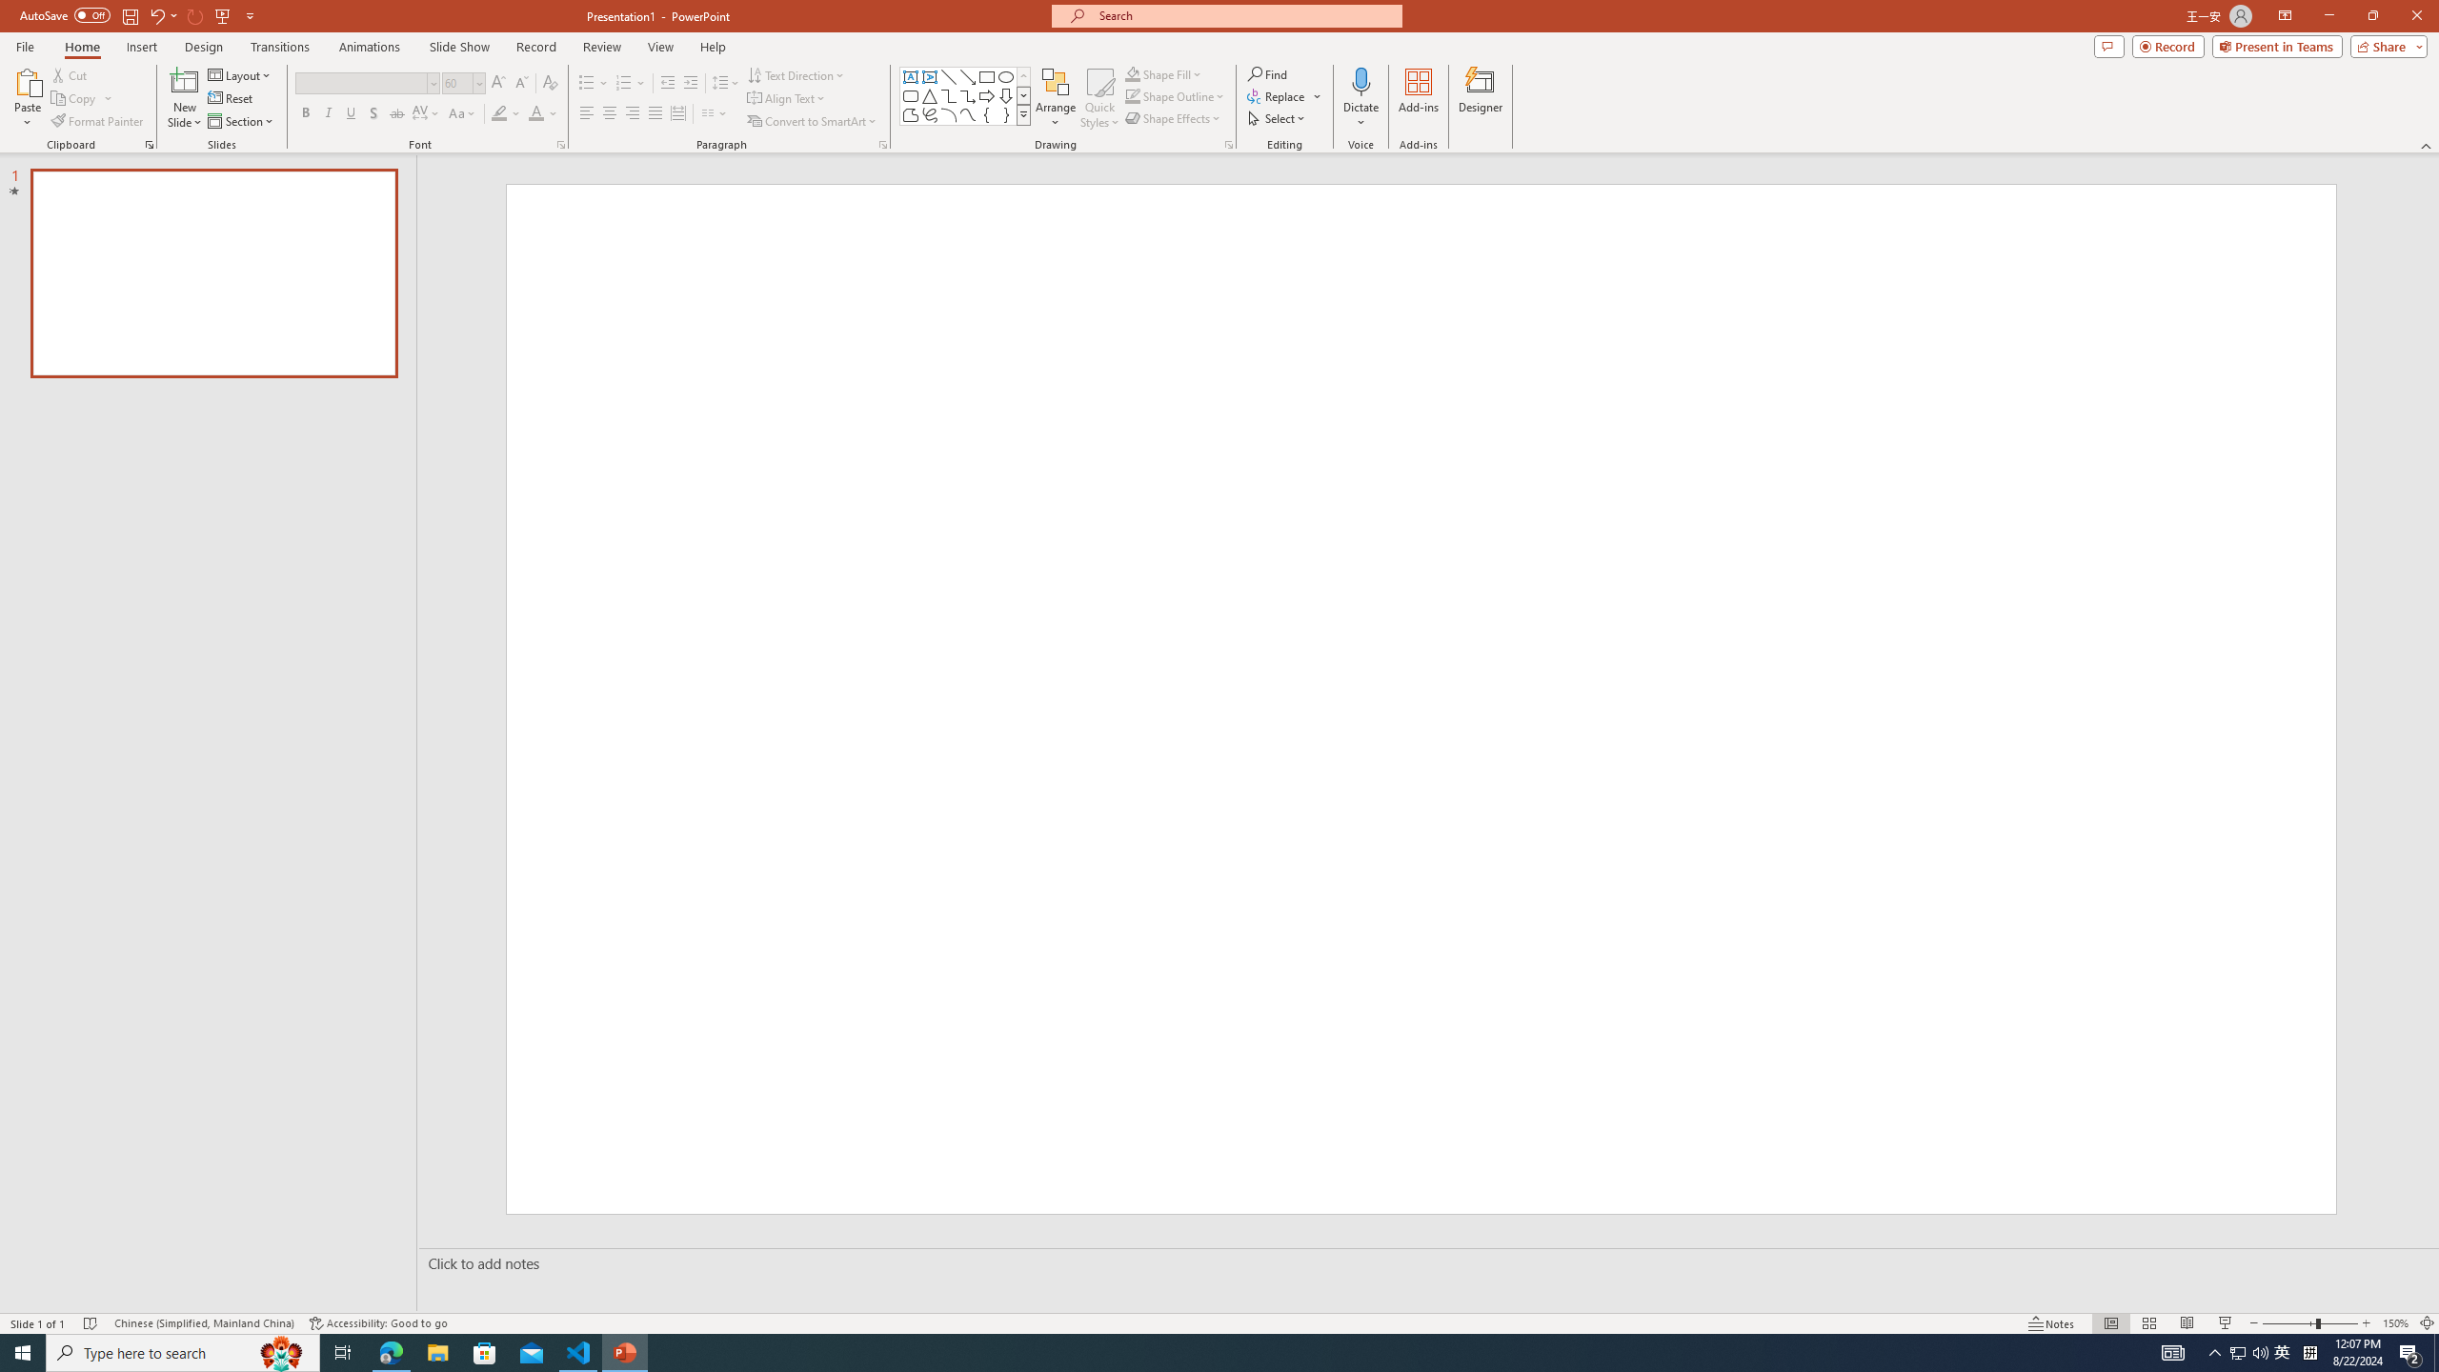 This screenshot has height=1372, width=2439. What do you see at coordinates (2396, 1323) in the screenshot?
I see `'Zoom 150%'` at bounding box center [2396, 1323].